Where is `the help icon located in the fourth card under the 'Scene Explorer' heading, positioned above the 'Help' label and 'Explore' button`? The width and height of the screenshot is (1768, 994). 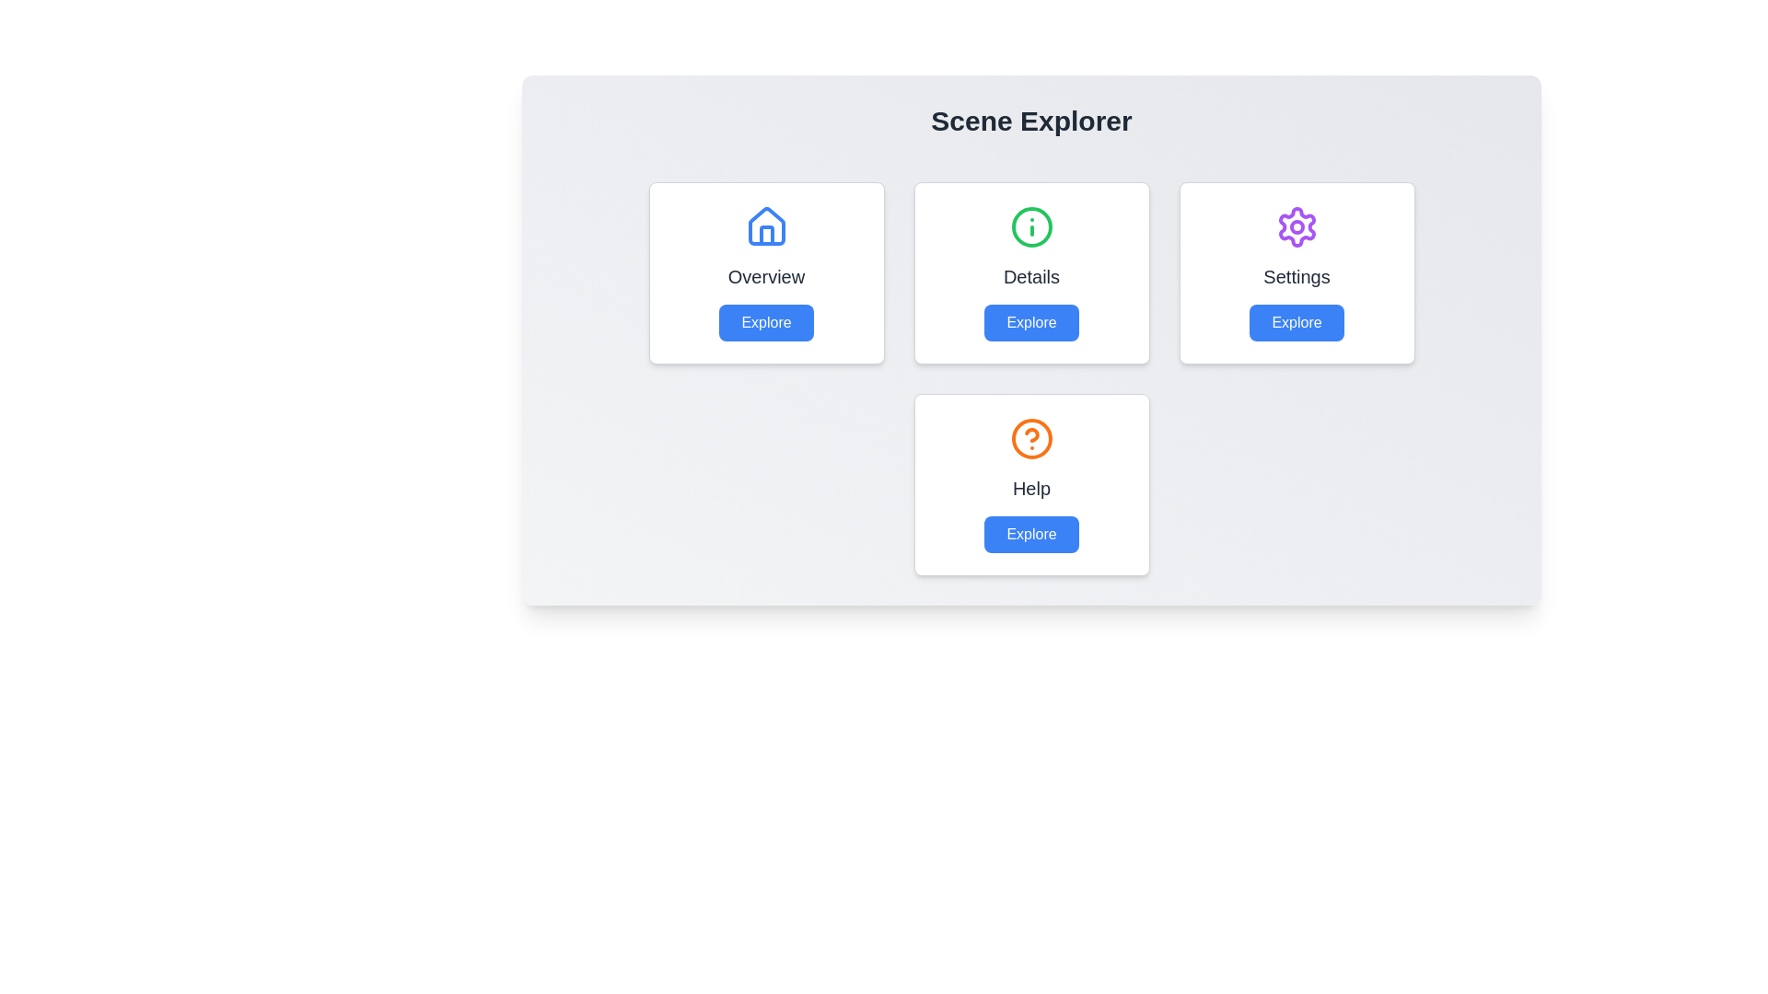 the help icon located in the fourth card under the 'Scene Explorer' heading, positioned above the 'Help' label and 'Explore' button is located at coordinates (1031, 439).